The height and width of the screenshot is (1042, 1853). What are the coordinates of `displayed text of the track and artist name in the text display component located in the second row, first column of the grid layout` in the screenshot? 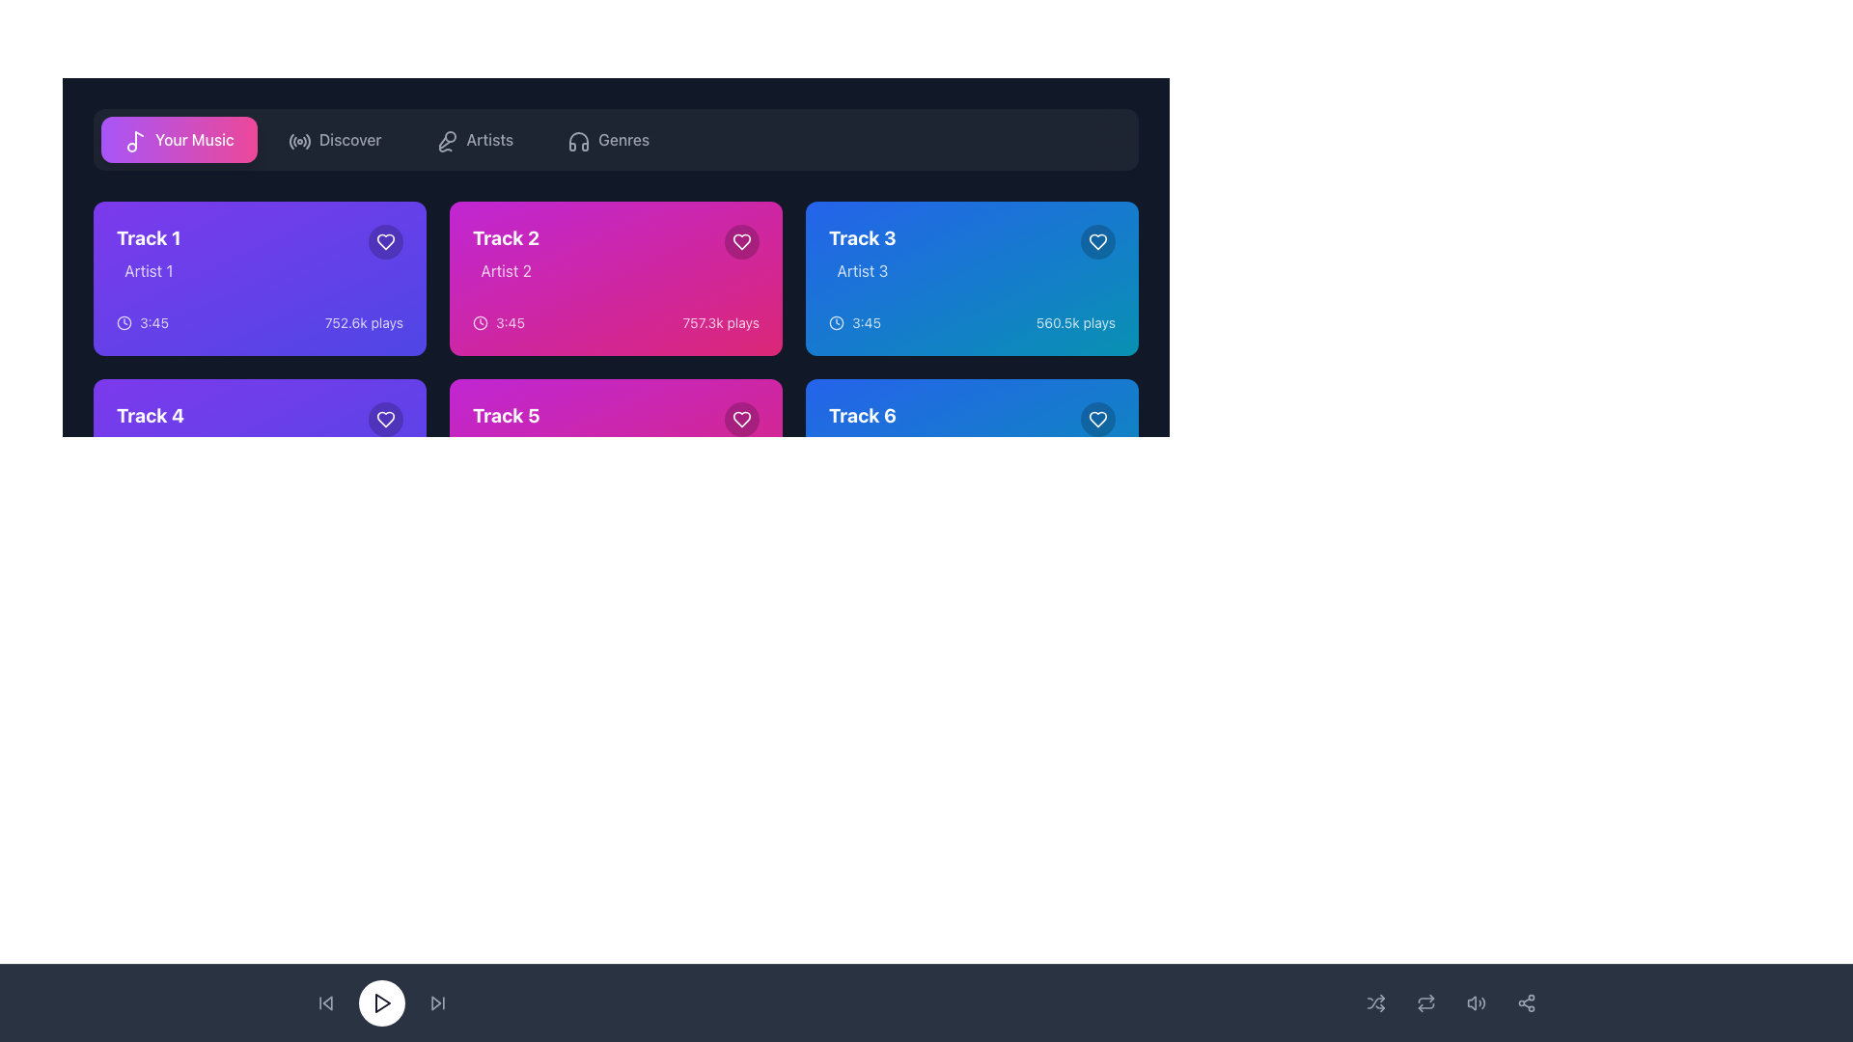 It's located at (506, 430).